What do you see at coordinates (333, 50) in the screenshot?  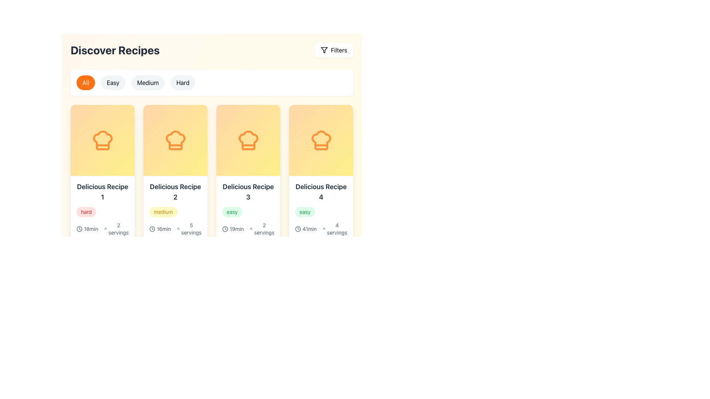 I see `the button labeled 'Filters' with rounded corners and a filter icon to visualize hover effects` at bounding box center [333, 50].